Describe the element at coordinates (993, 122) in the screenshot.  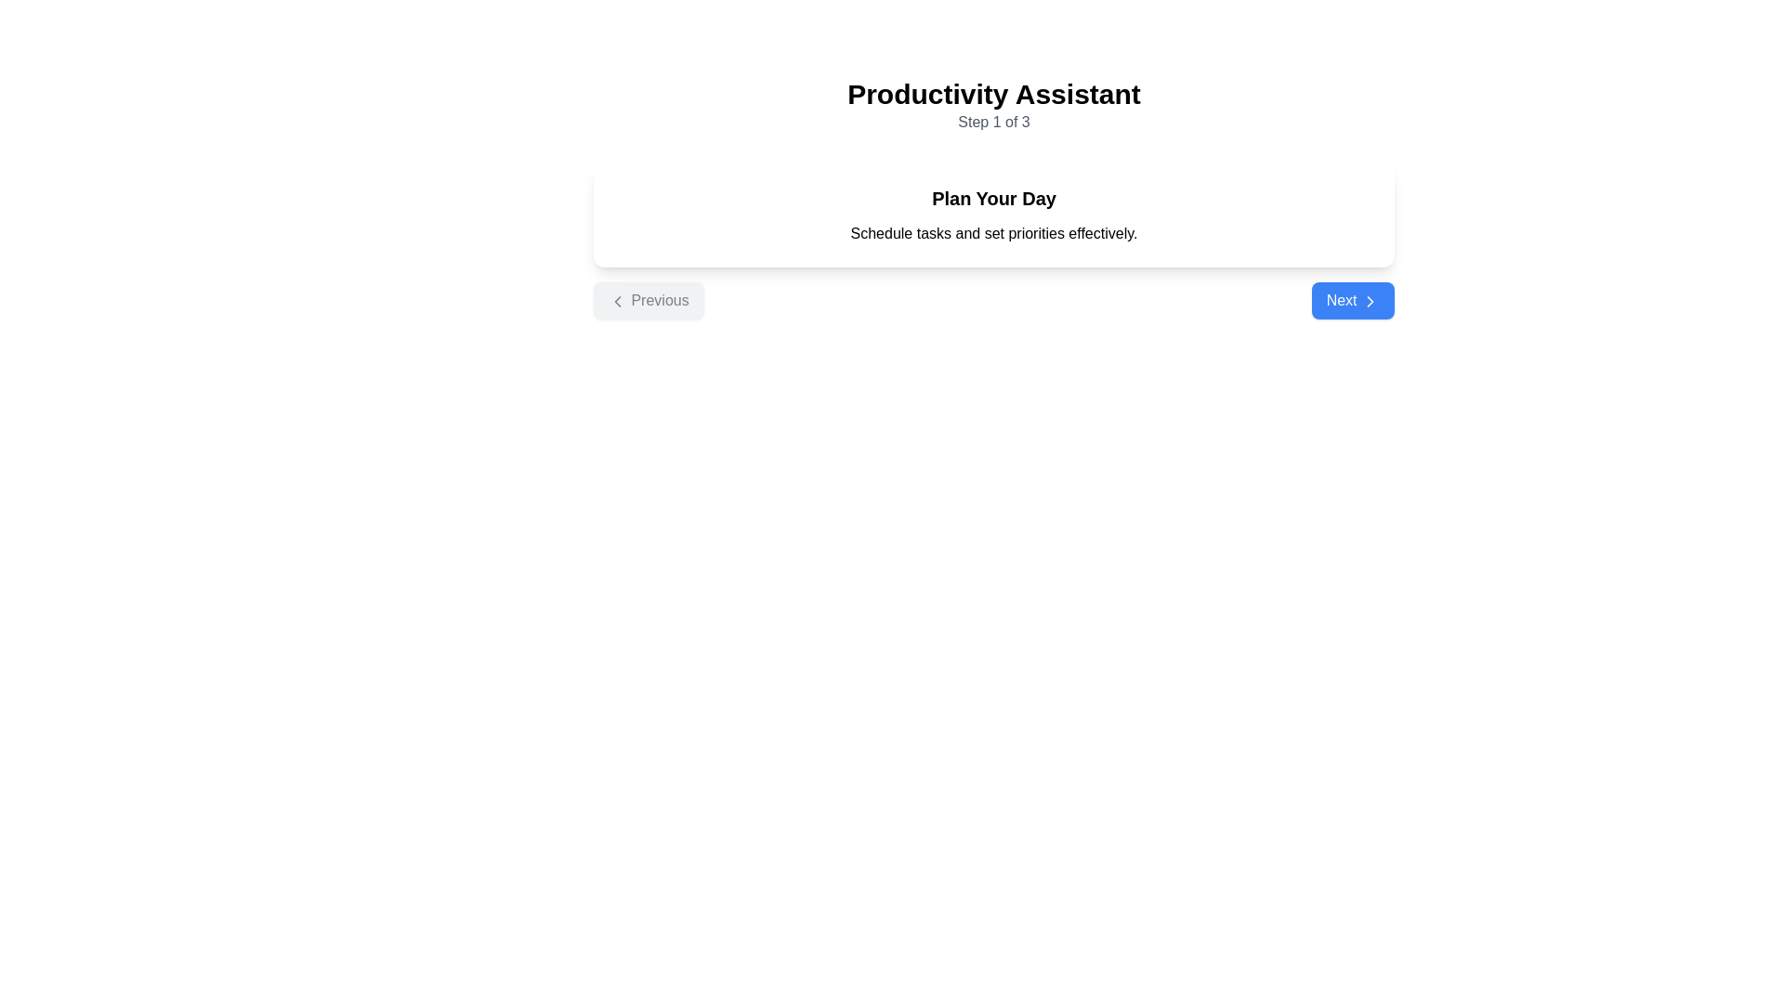
I see `the progress indicator text that provides information about the current step in the multi-step process, located below the 'Productivity Assistant' header` at that location.